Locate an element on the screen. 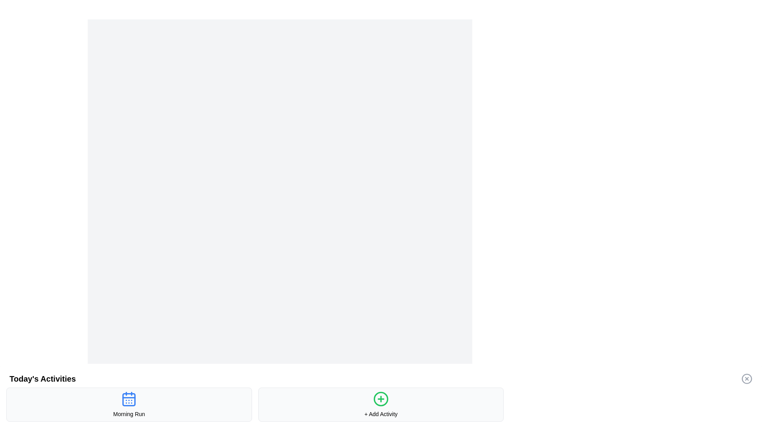  the blue calendar icon located in the first card of the 'Today's Activities' section, positioned above the 'Morning Run' label is located at coordinates (129, 399).